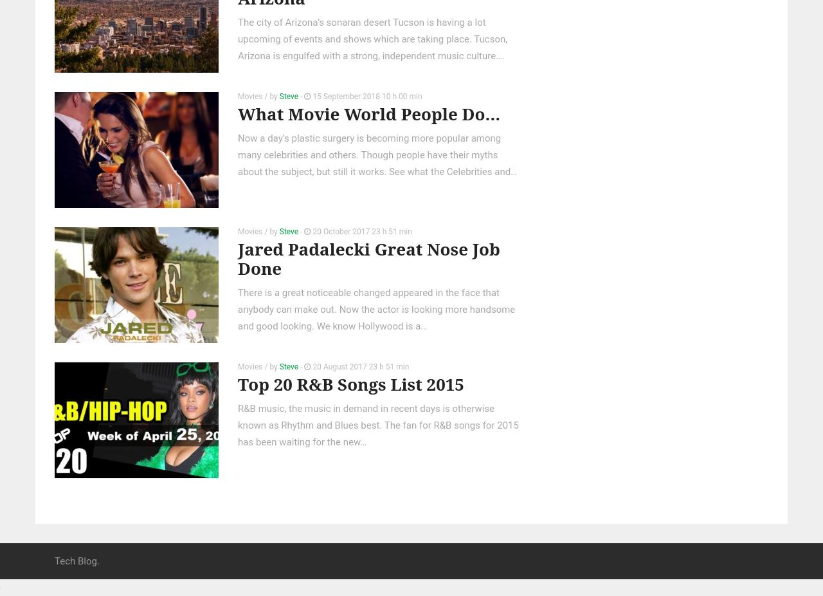 The width and height of the screenshot is (823, 596). What do you see at coordinates (76, 560) in the screenshot?
I see `'Tech Blog.'` at bounding box center [76, 560].